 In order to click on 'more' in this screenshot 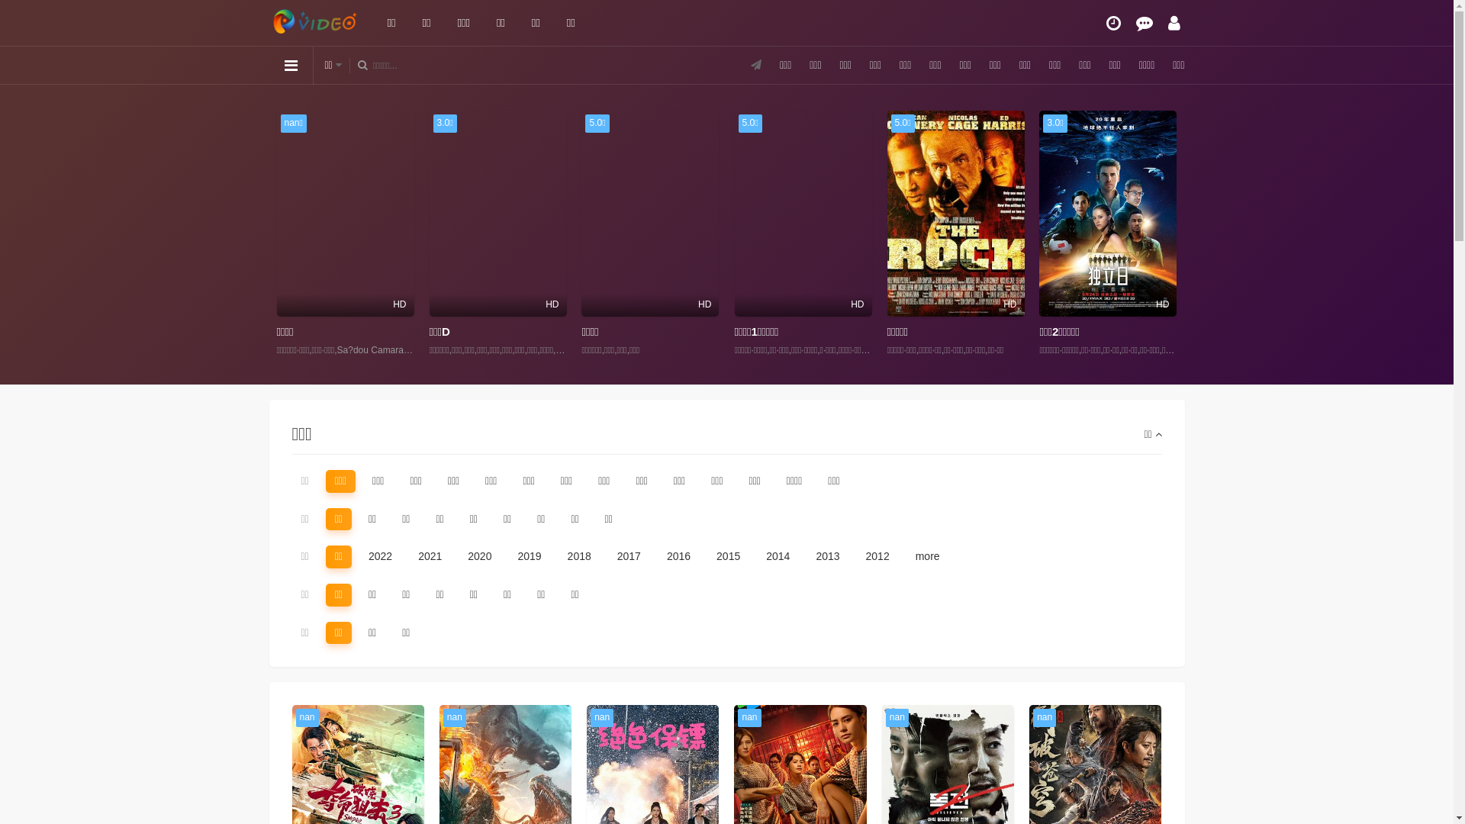, I will do `click(906, 556)`.